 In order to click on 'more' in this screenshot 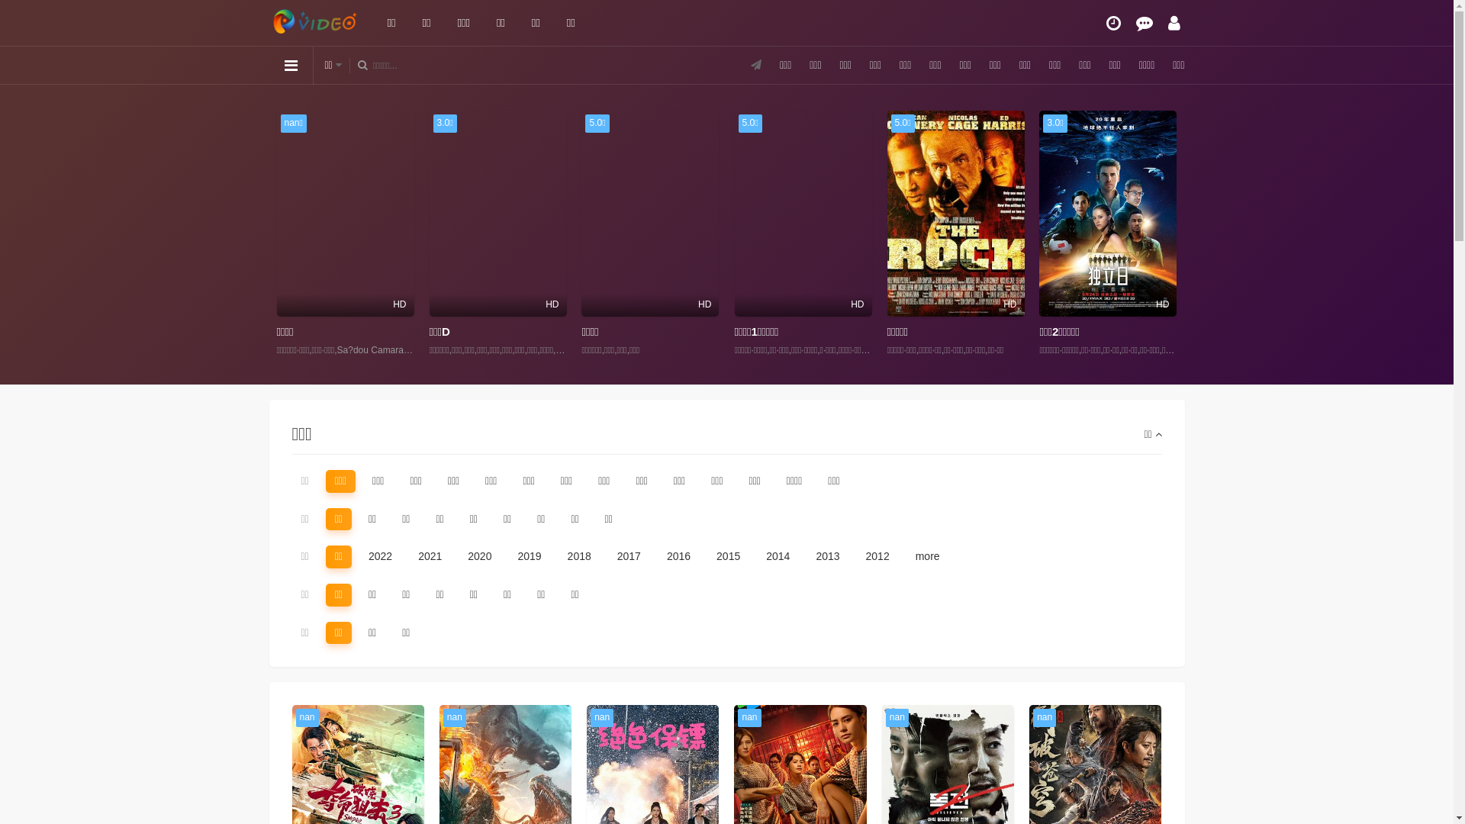, I will do `click(906, 556)`.